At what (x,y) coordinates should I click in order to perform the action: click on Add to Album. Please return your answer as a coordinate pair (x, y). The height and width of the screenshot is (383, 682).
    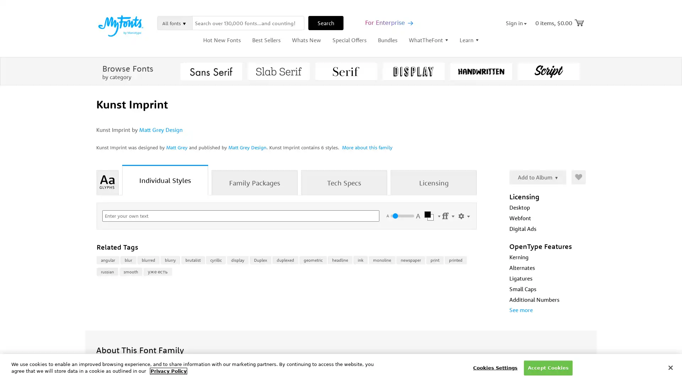
    Looking at the image, I should click on (537, 177).